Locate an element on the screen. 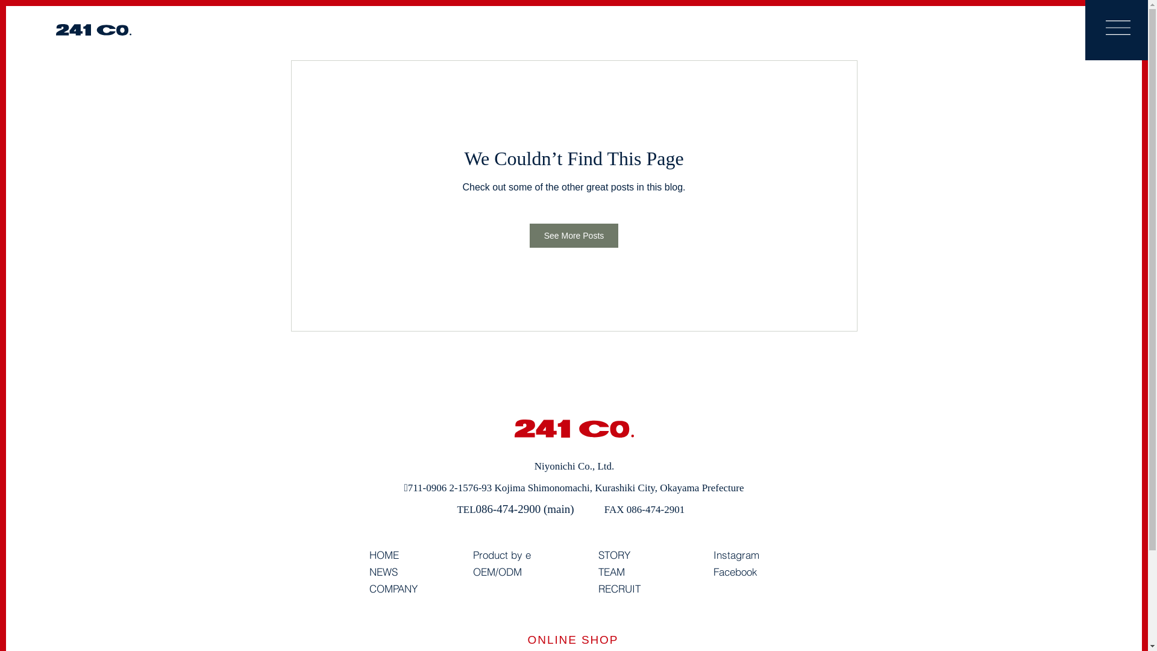 Image resolution: width=1157 pixels, height=651 pixels. 'STORY' is located at coordinates (613, 555).